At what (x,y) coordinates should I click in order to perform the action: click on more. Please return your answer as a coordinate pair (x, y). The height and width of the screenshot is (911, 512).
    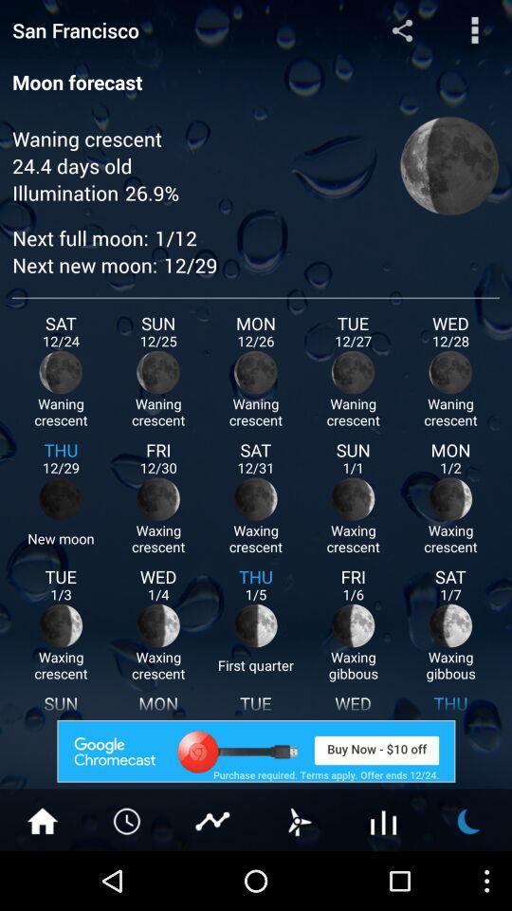
    Looking at the image, I should click on (128, 819).